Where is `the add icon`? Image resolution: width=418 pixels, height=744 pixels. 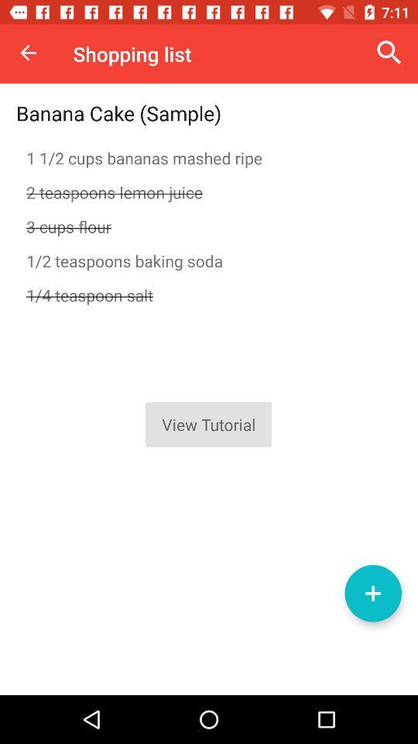
the add icon is located at coordinates (372, 592).